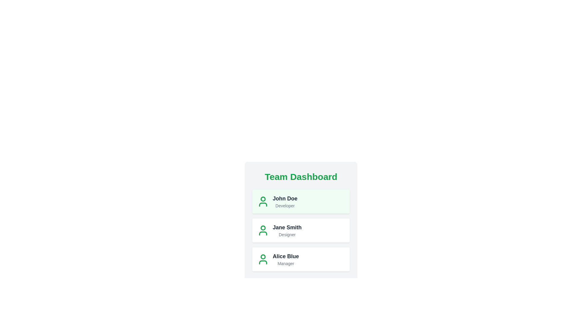 The image size is (578, 325). What do you see at coordinates (301, 230) in the screenshot?
I see `the user card for 'Jane Smith', the second card in the vertical list of user cards` at bounding box center [301, 230].